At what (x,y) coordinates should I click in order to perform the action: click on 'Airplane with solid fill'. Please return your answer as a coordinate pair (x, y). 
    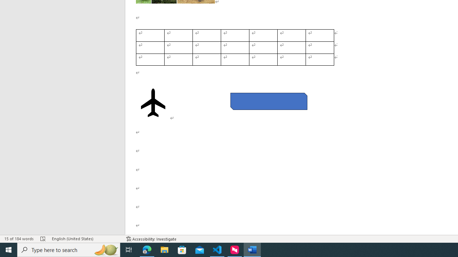
    Looking at the image, I should click on (153, 103).